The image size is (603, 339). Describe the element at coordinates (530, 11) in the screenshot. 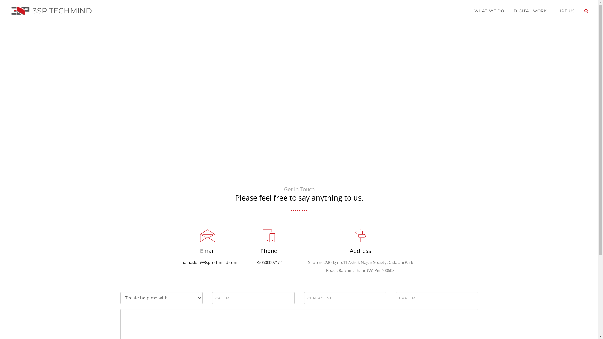

I see `'DIGITAL WORK'` at that location.